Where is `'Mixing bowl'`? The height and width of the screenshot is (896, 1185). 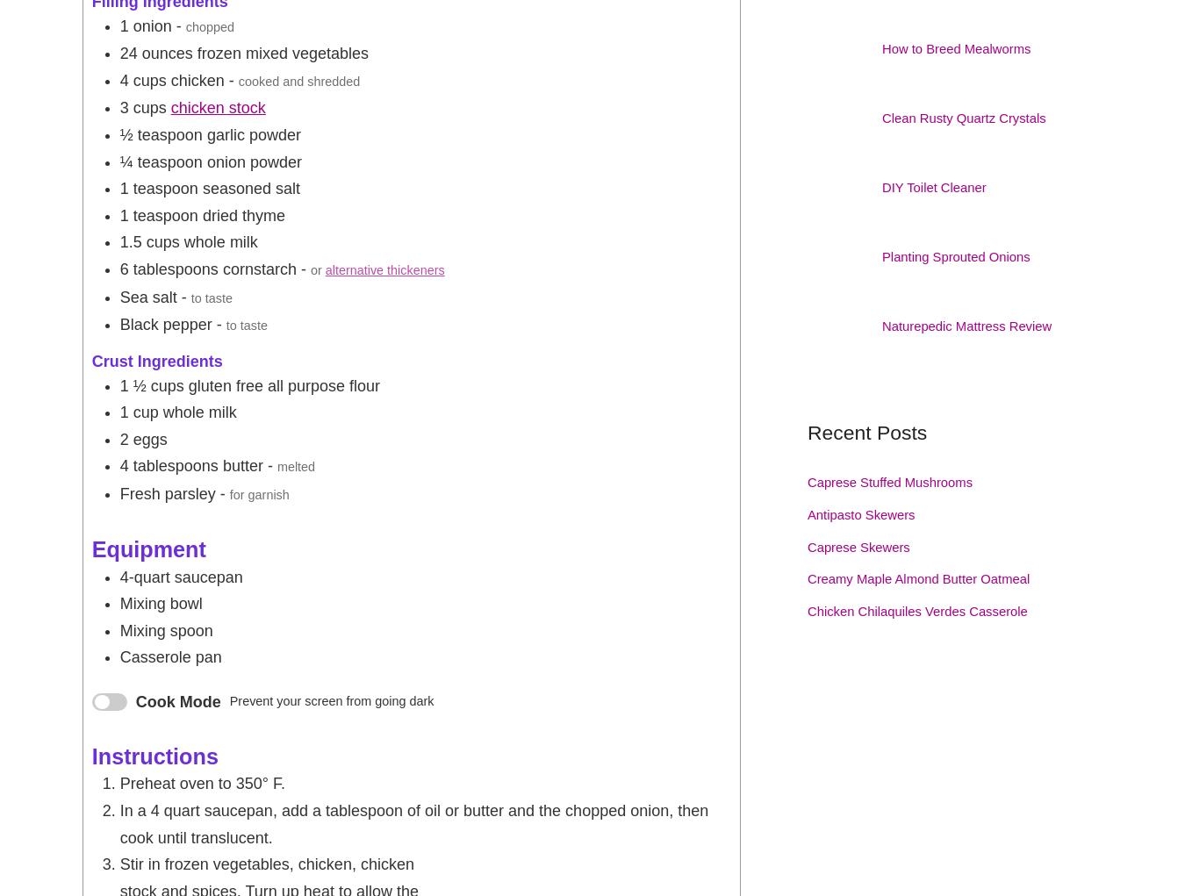 'Mixing bowl' is located at coordinates (161, 603).